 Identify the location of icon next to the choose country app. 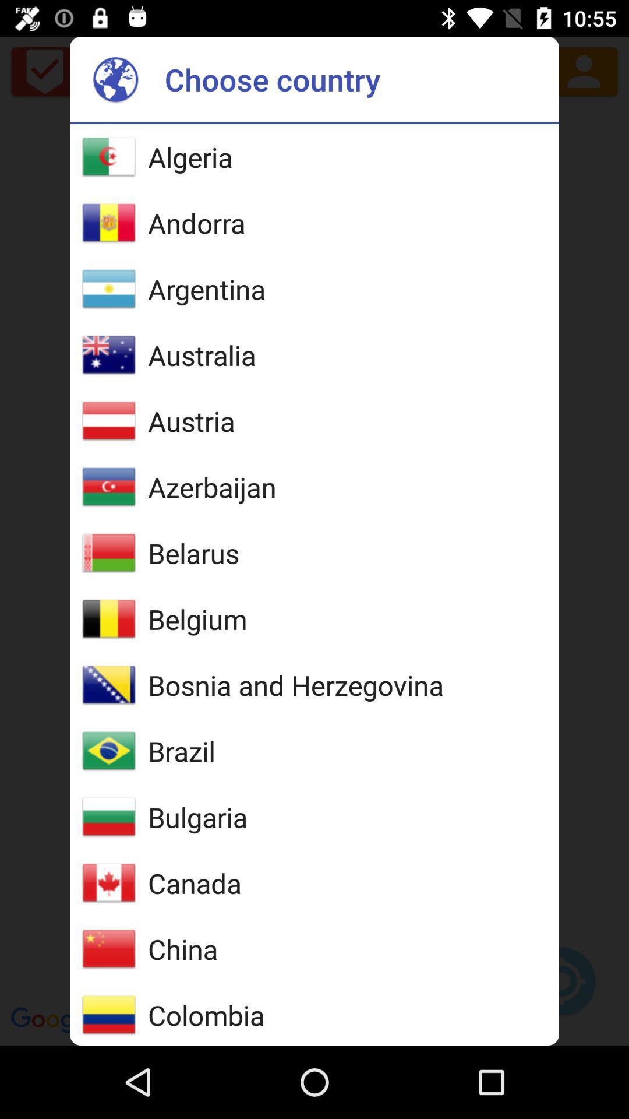
(115, 79).